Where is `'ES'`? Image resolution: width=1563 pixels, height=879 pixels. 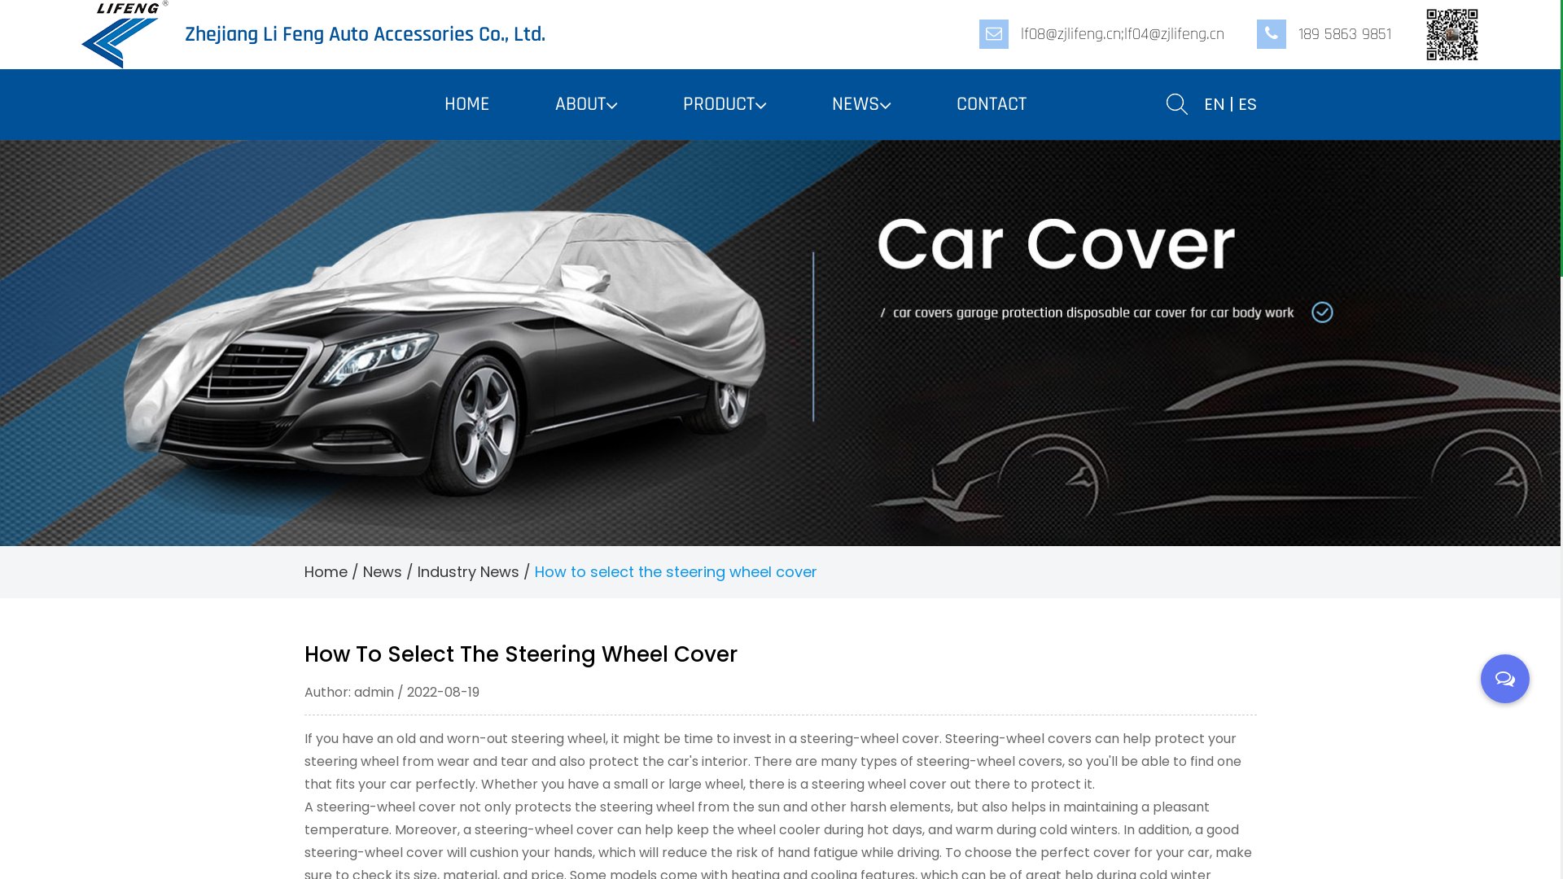 'ES' is located at coordinates (1246, 103).